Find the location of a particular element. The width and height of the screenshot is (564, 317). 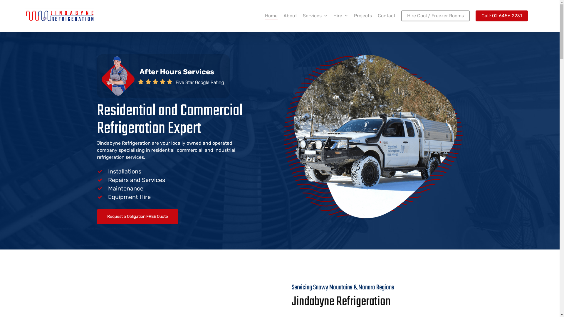

'Services' is located at coordinates (315, 16).